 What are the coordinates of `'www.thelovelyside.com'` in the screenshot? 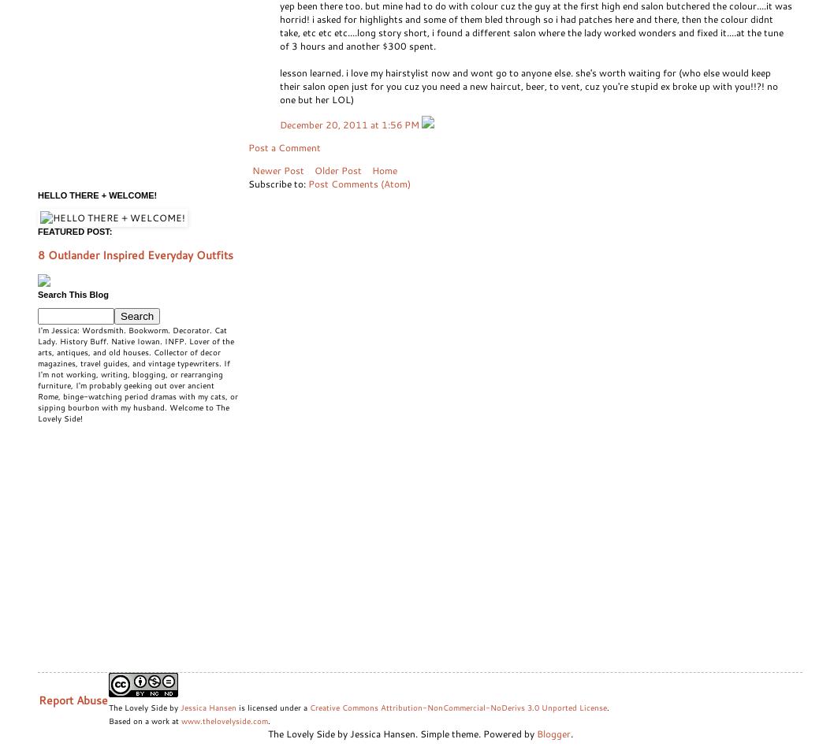 It's located at (181, 720).